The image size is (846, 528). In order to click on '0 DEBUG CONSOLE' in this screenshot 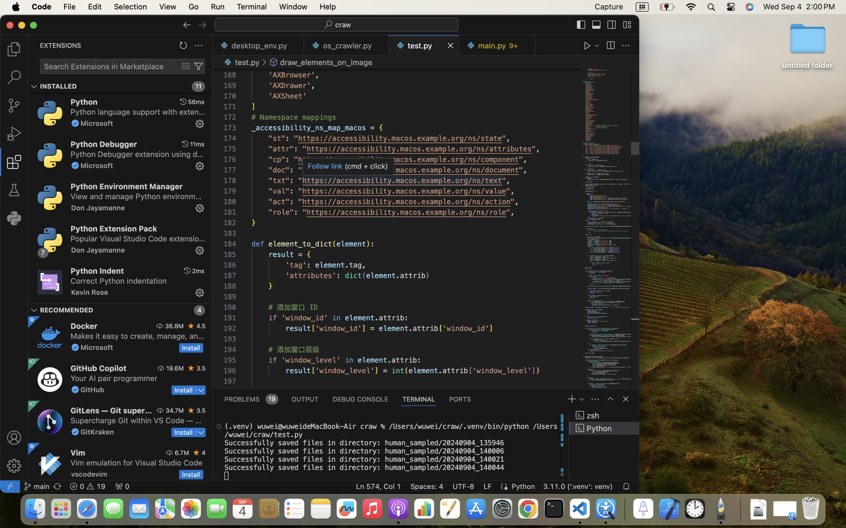, I will do `click(360, 399)`.